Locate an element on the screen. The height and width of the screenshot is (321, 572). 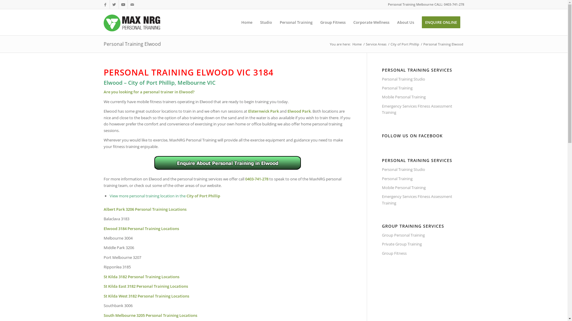
'About Us' is located at coordinates (405, 22).